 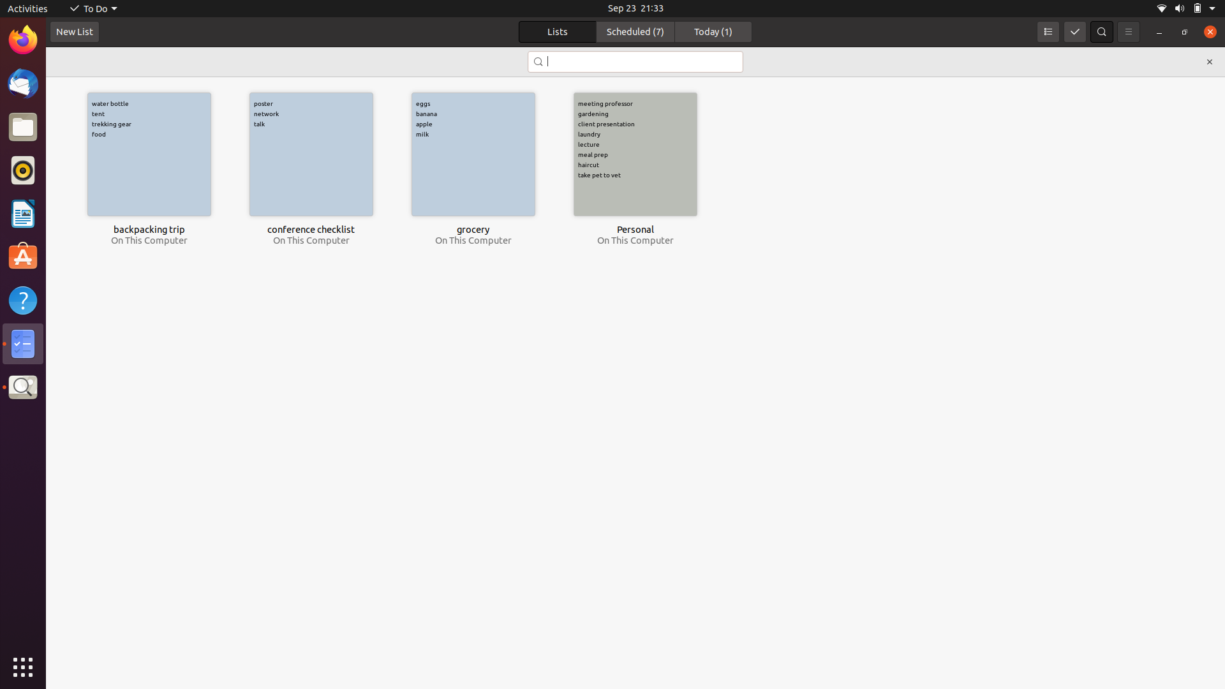 I want to click on the "Scheduled" section, so click(x=635, y=31).